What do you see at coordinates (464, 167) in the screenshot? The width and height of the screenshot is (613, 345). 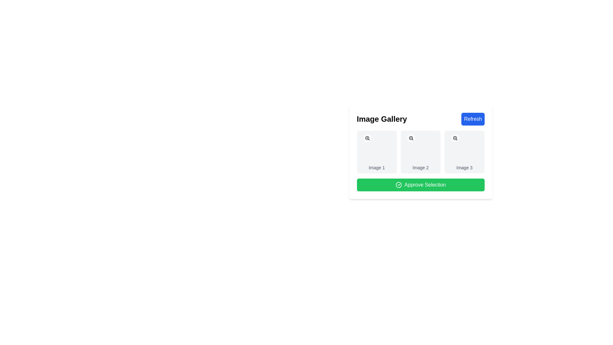 I see `the text label displaying 'Image 3' in a smaller, gray-colored font, located in the third column of the image gallery below the corresponding image placeholder and magnifying glass icon` at bounding box center [464, 167].